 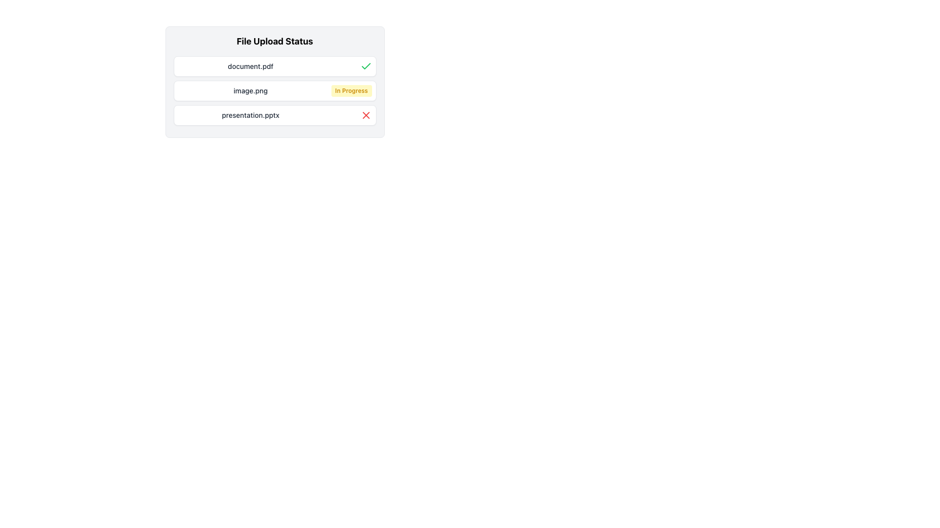 I want to click on the completion status icon located at the far right of the first row, next to the filename 'document.pdf', so click(x=365, y=66).